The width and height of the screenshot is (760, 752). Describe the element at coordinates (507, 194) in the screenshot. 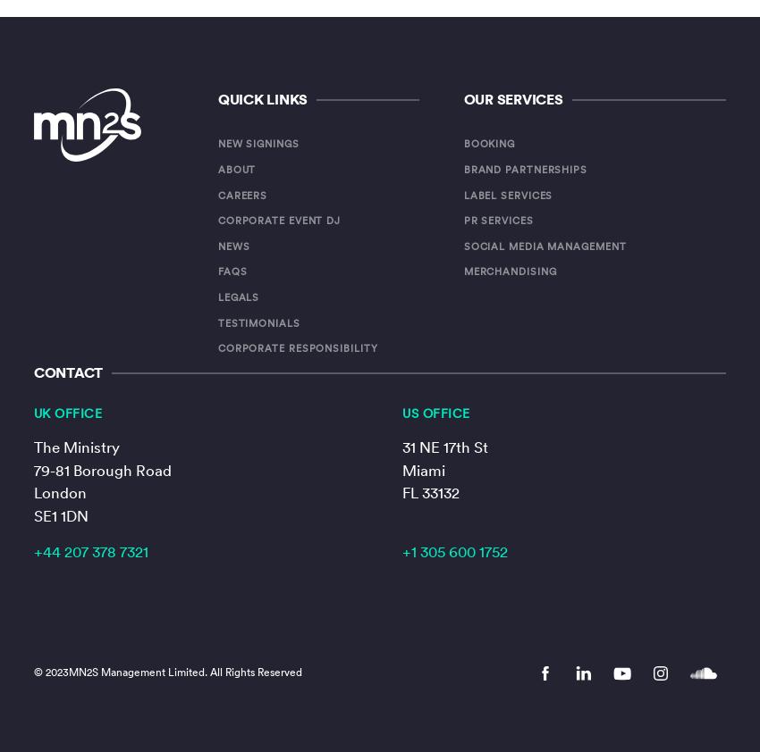

I see `'Label Services'` at that location.